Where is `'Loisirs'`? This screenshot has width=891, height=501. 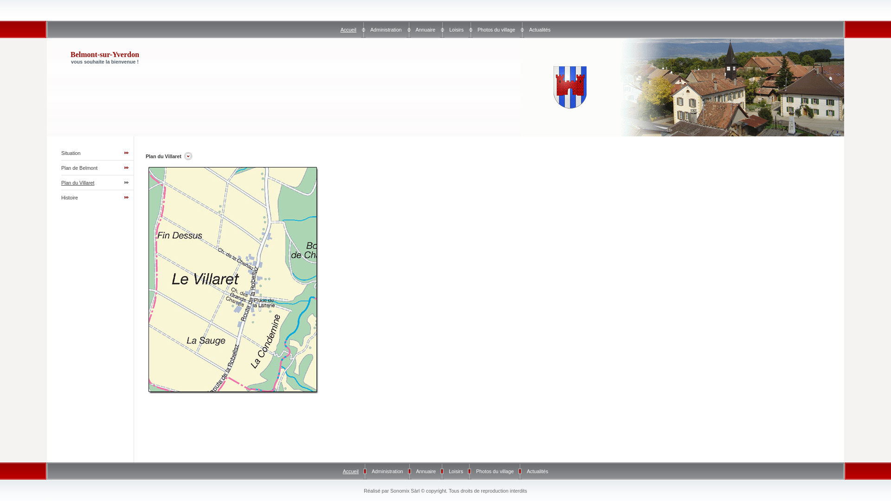 'Loisirs' is located at coordinates (456, 29).